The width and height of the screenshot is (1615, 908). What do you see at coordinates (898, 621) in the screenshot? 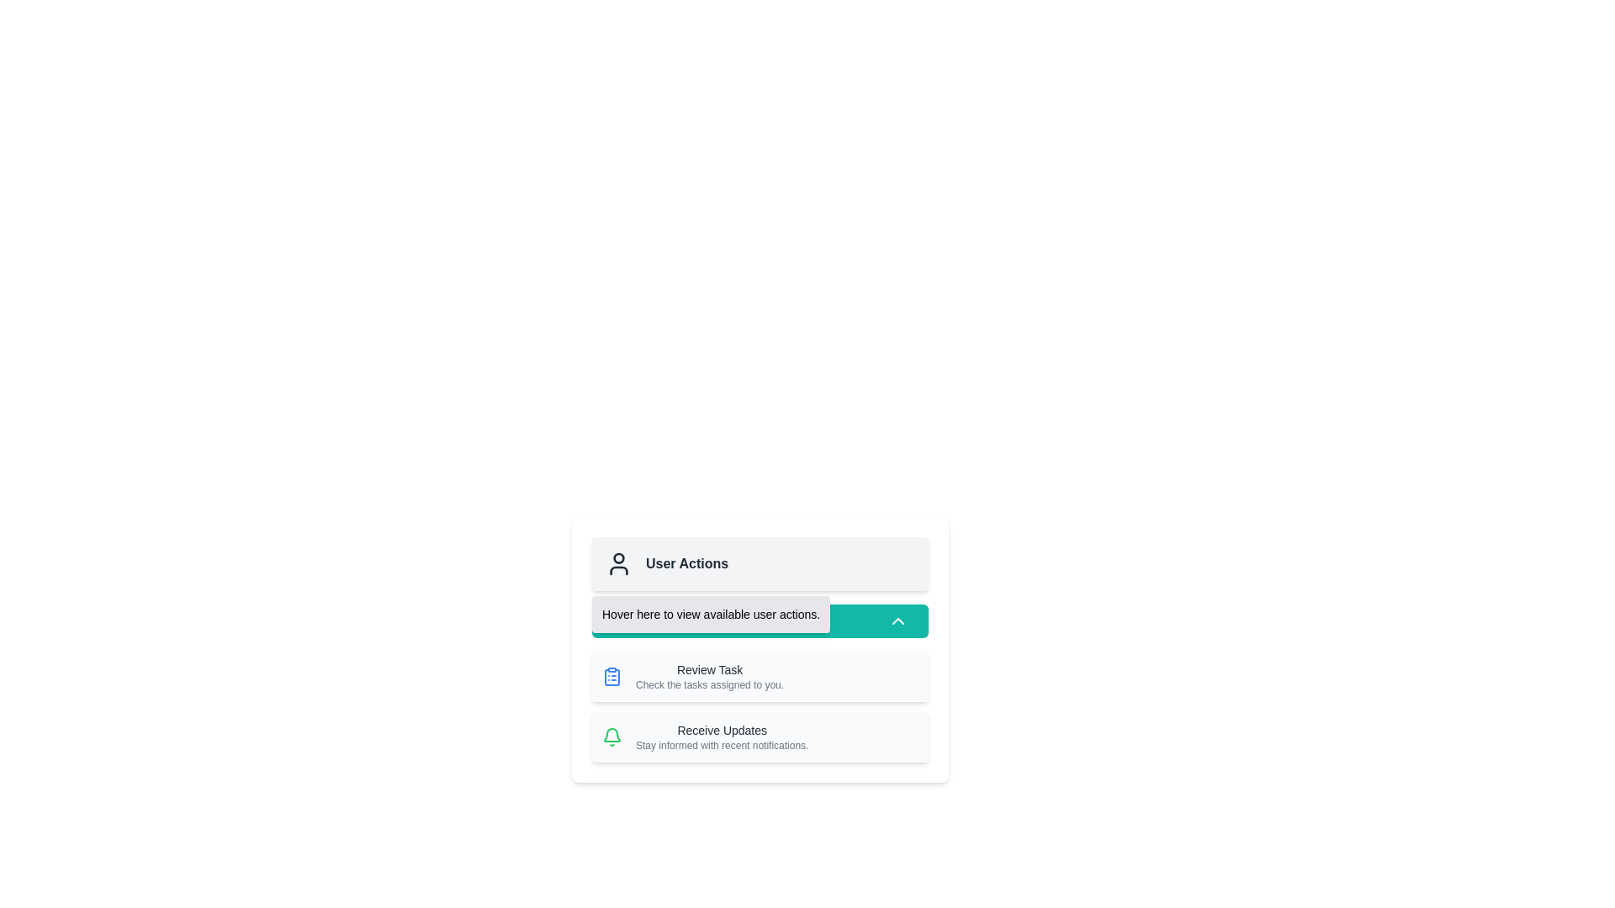
I see `the upward-pointing chevron icon located within the teal background of the 'Action Details' button` at bounding box center [898, 621].